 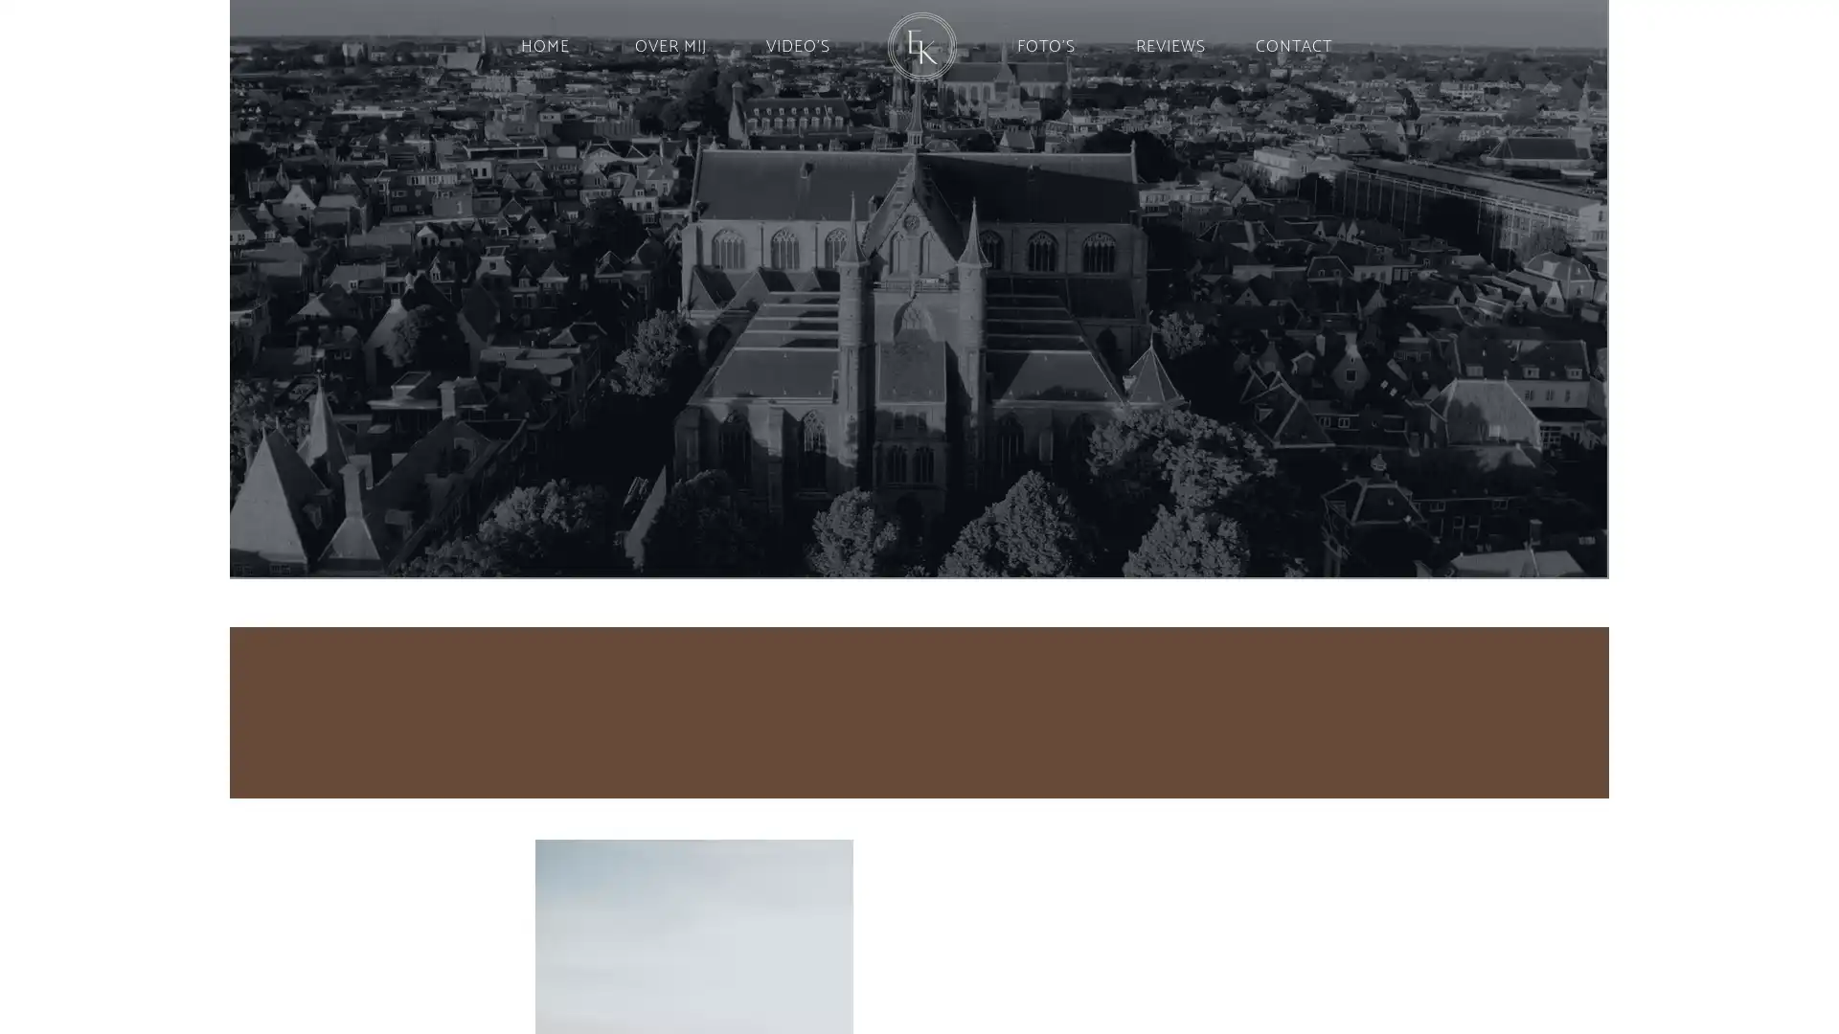 I want to click on Mute, so click(x=1584, y=557).